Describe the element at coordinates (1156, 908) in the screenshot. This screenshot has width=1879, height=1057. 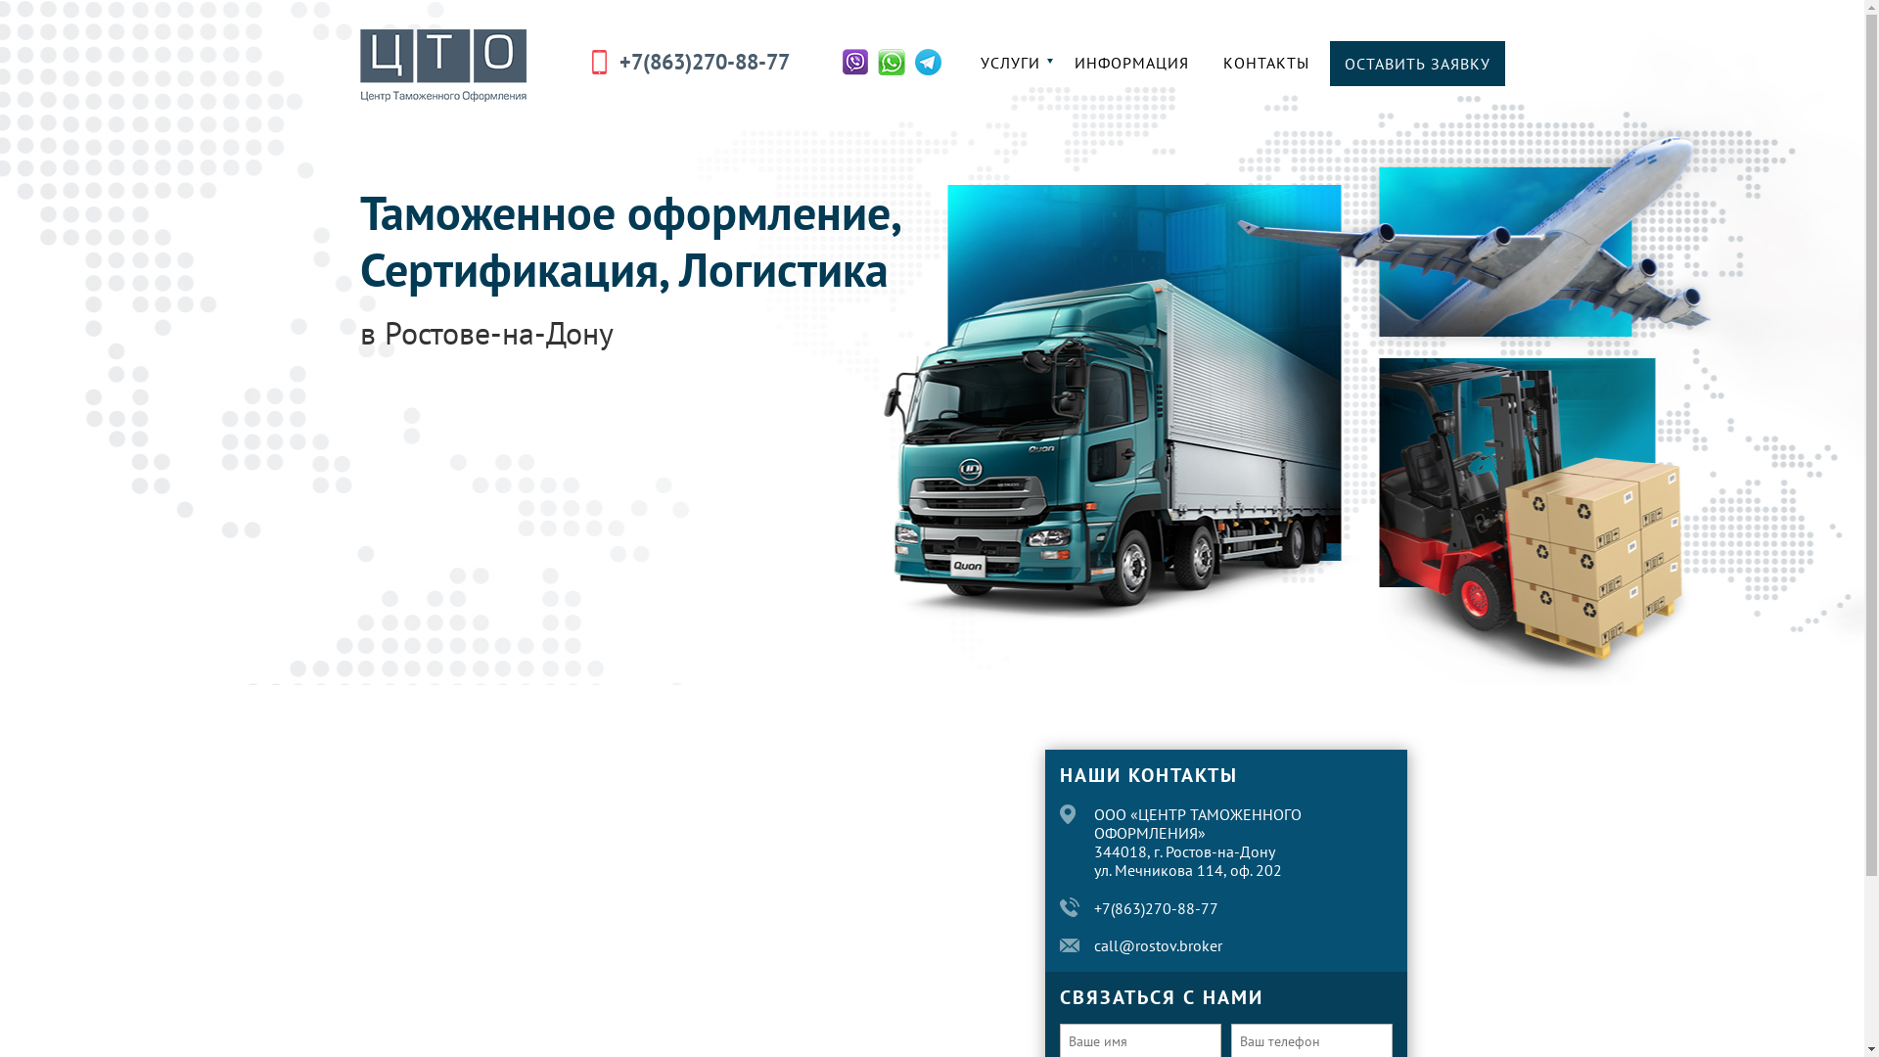
I see `'+7(863)270-88-77'` at that location.